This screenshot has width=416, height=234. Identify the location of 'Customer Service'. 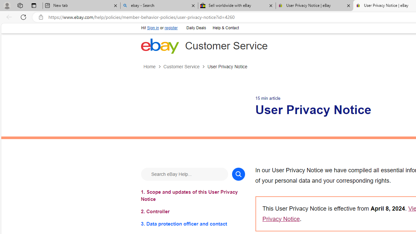
(185, 67).